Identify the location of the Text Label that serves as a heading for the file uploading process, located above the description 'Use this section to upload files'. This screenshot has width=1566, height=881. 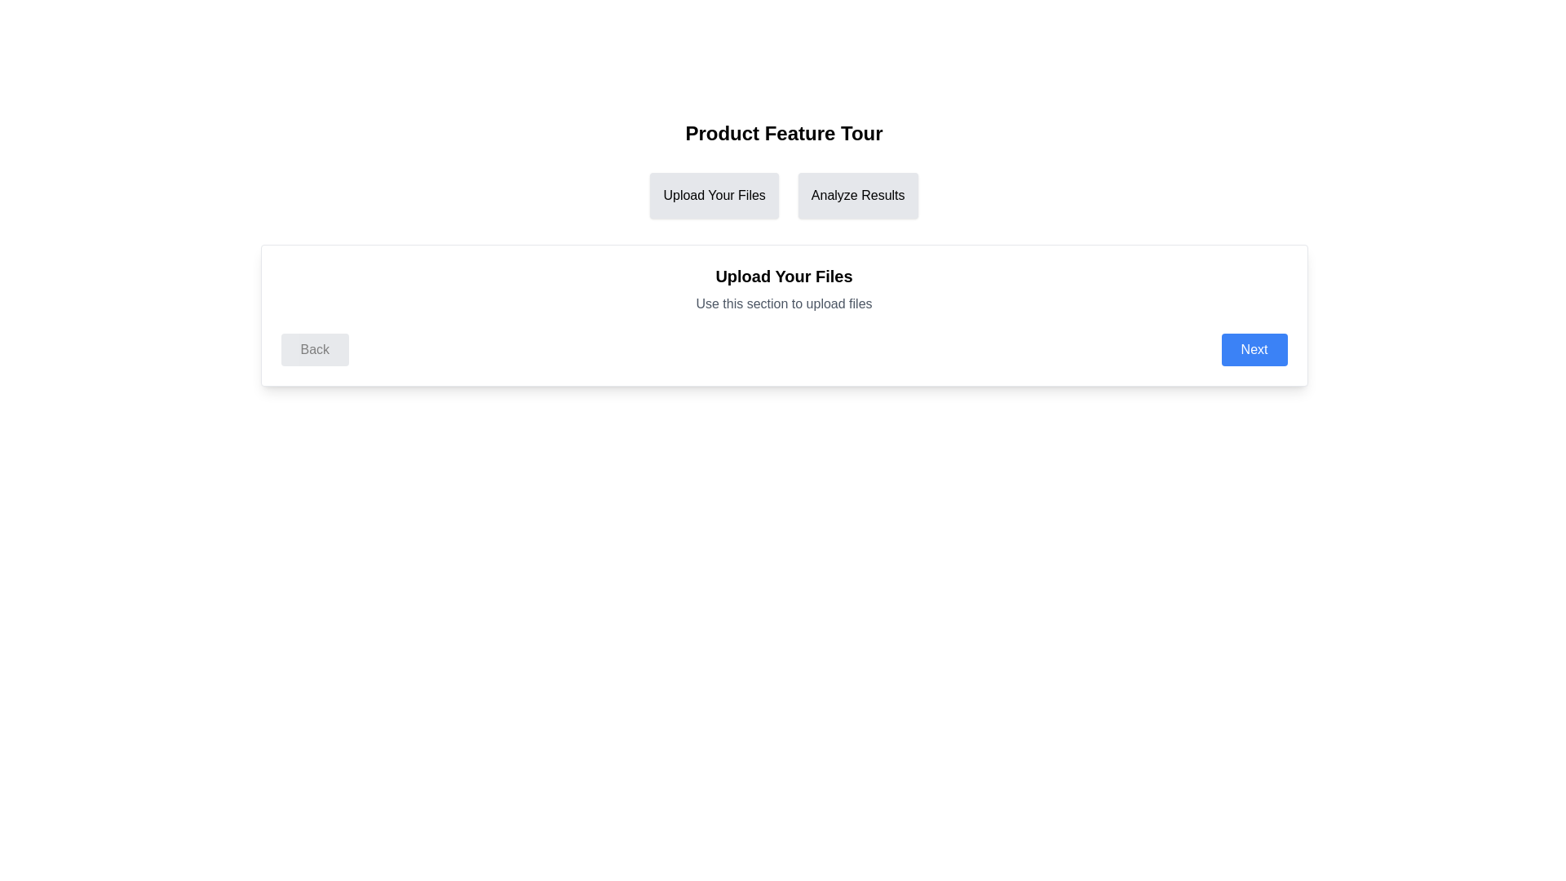
(784, 276).